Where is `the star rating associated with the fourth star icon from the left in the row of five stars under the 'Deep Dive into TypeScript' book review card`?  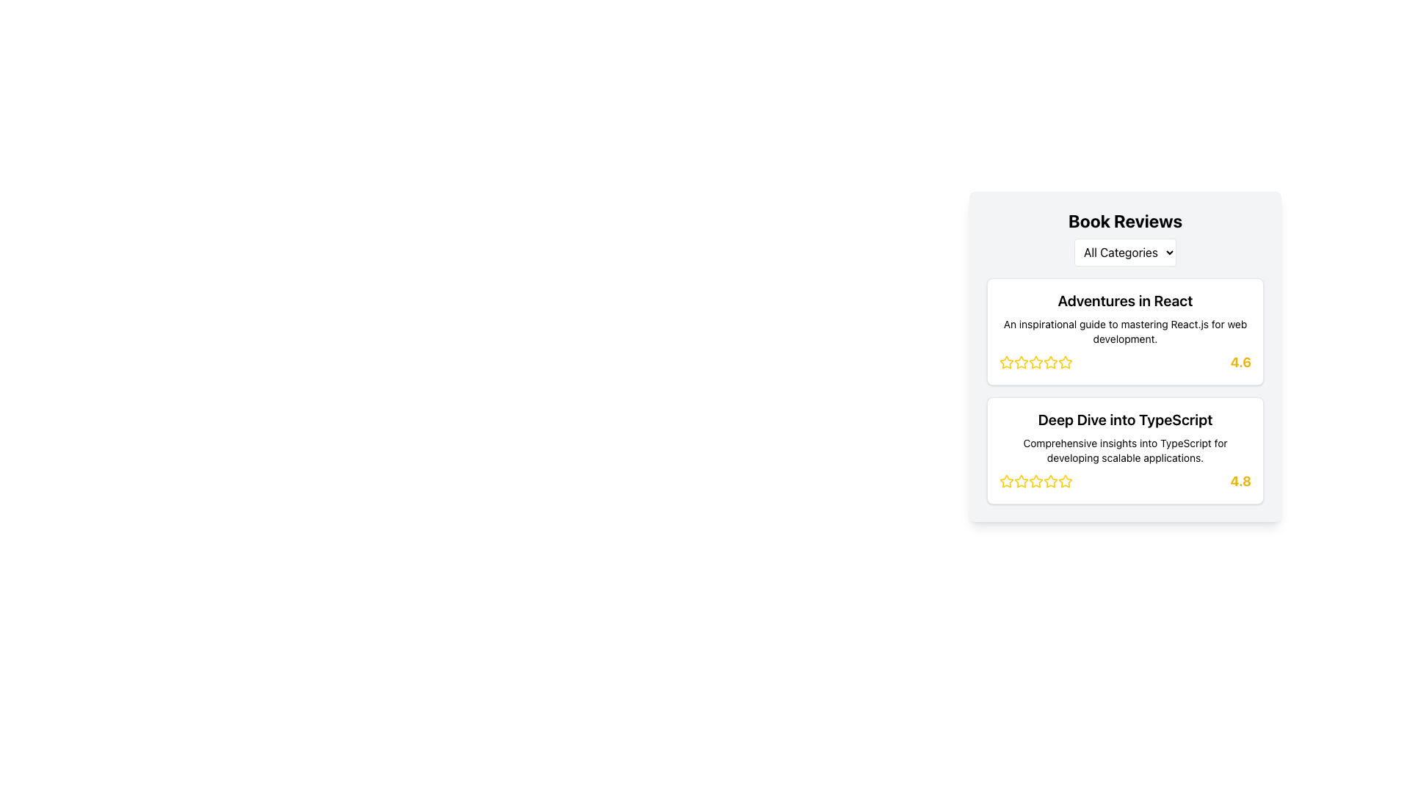
the star rating associated with the fourth star icon from the left in the row of five stars under the 'Deep Dive into TypeScript' book review card is located at coordinates (1065, 481).